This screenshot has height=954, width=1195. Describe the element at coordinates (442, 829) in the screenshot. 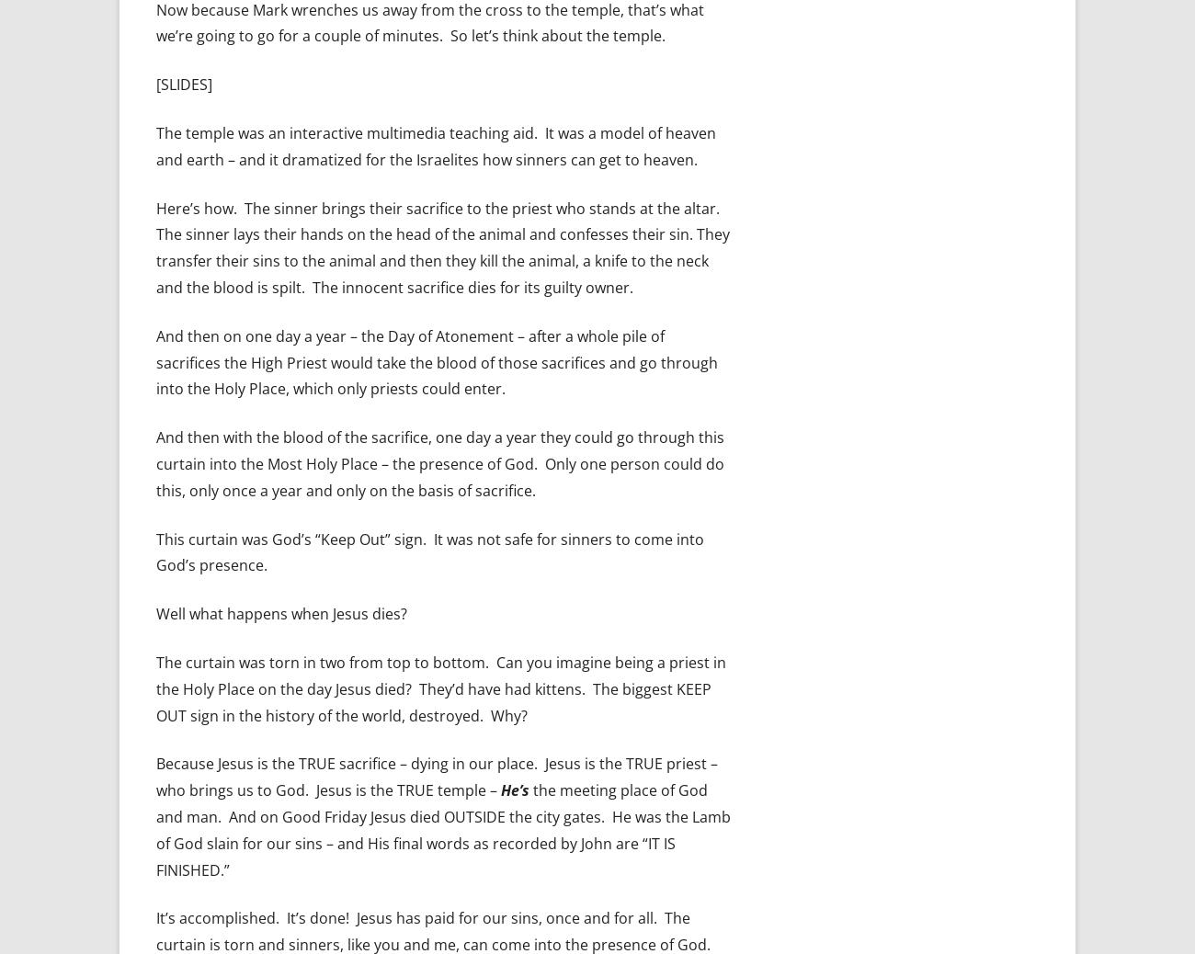

I see `'the meeting place of God and man.  And on Good Friday Jesus died OUTSIDE the city gates.  He was the Lamb of God slain for our sins – and His final words as recorded by John are “IT IS FINISHED.”'` at that location.